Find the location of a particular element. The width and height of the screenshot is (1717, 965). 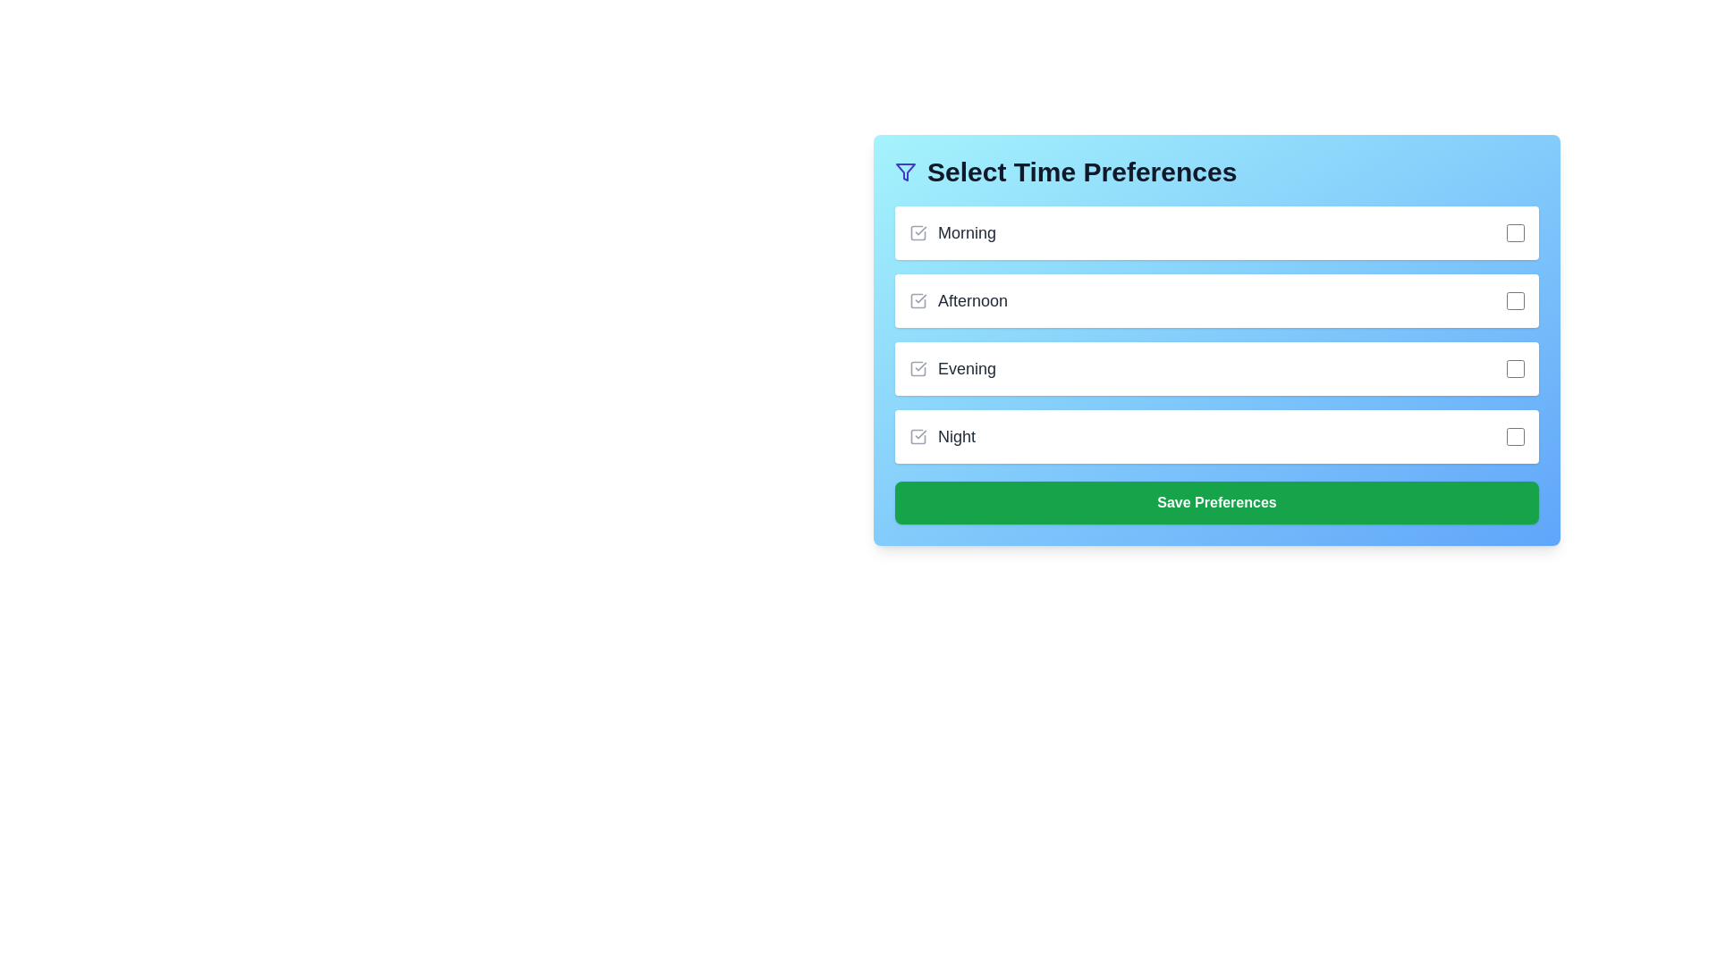

the checkbox outline located to the left of the text labeled 'Evening', which is part of a vertical list of options is located at coordinates (918, 367).